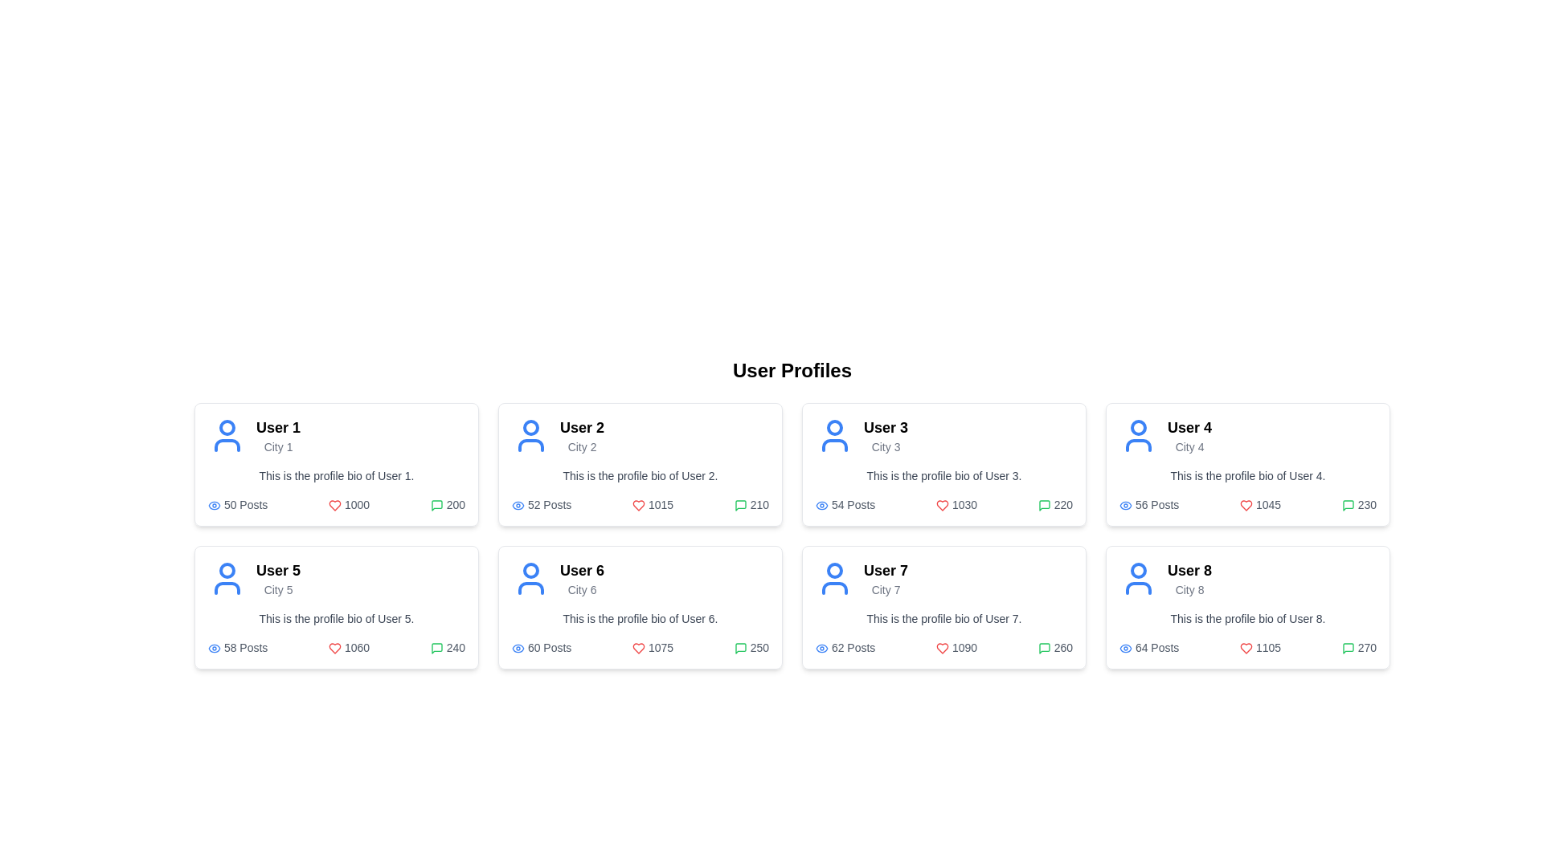 The image size is (1543, 867). I want to click on the decorative comment icon located at the bottom right of User 8's card, next to the text '270', so click(1348, 648).